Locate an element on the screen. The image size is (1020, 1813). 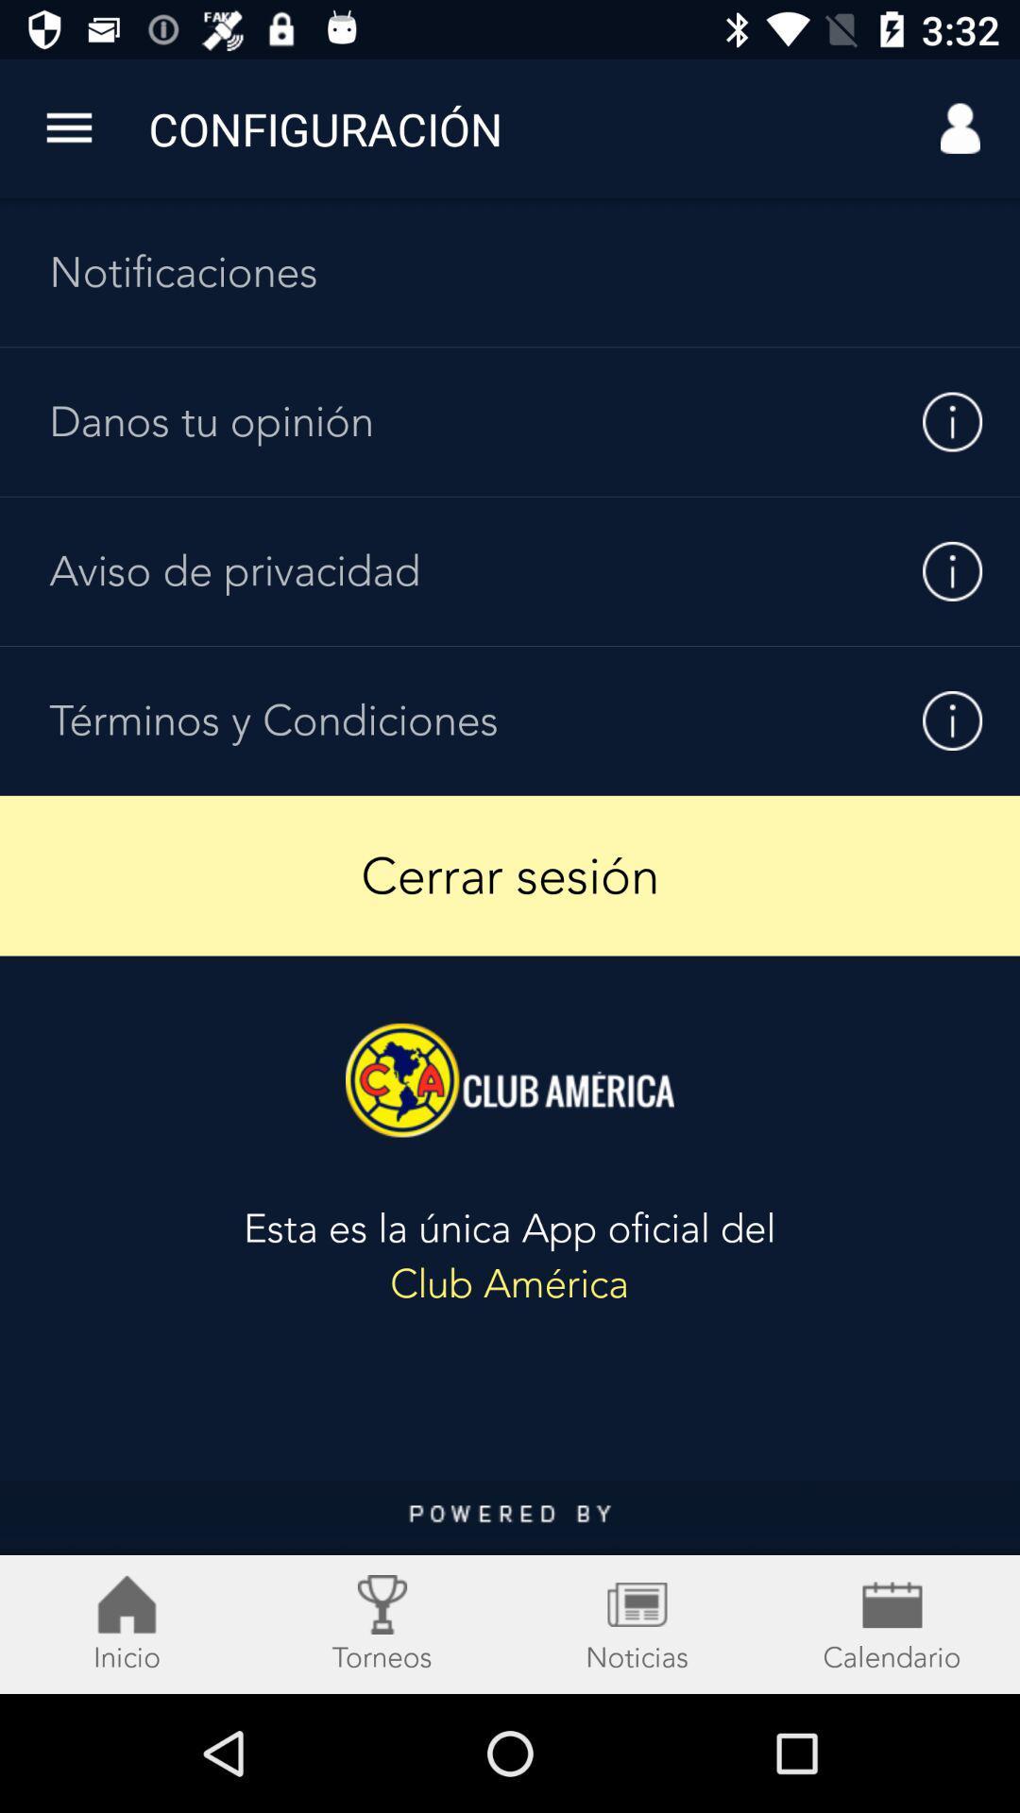
open menu options is located at coordinates (68, 127).